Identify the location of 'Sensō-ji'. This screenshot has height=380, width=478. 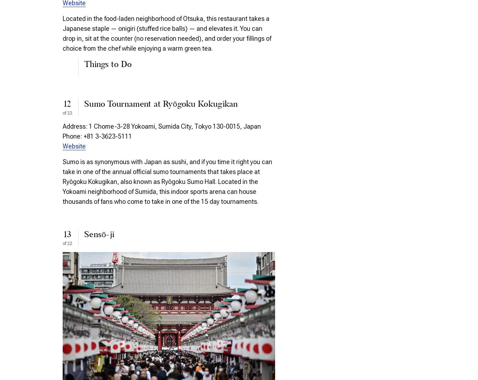
(99, 235).